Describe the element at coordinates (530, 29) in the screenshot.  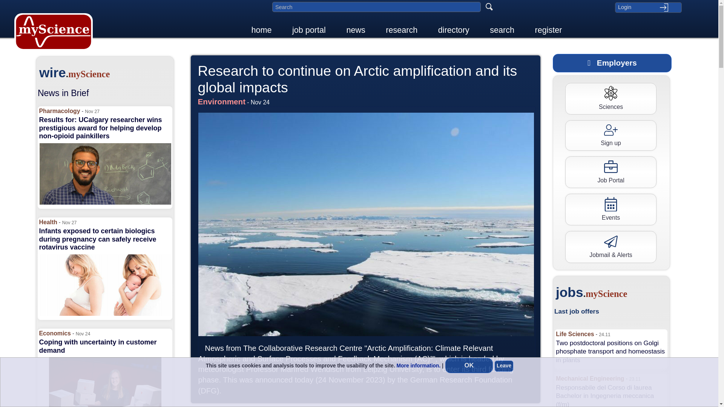
I see `'register'` at that location.